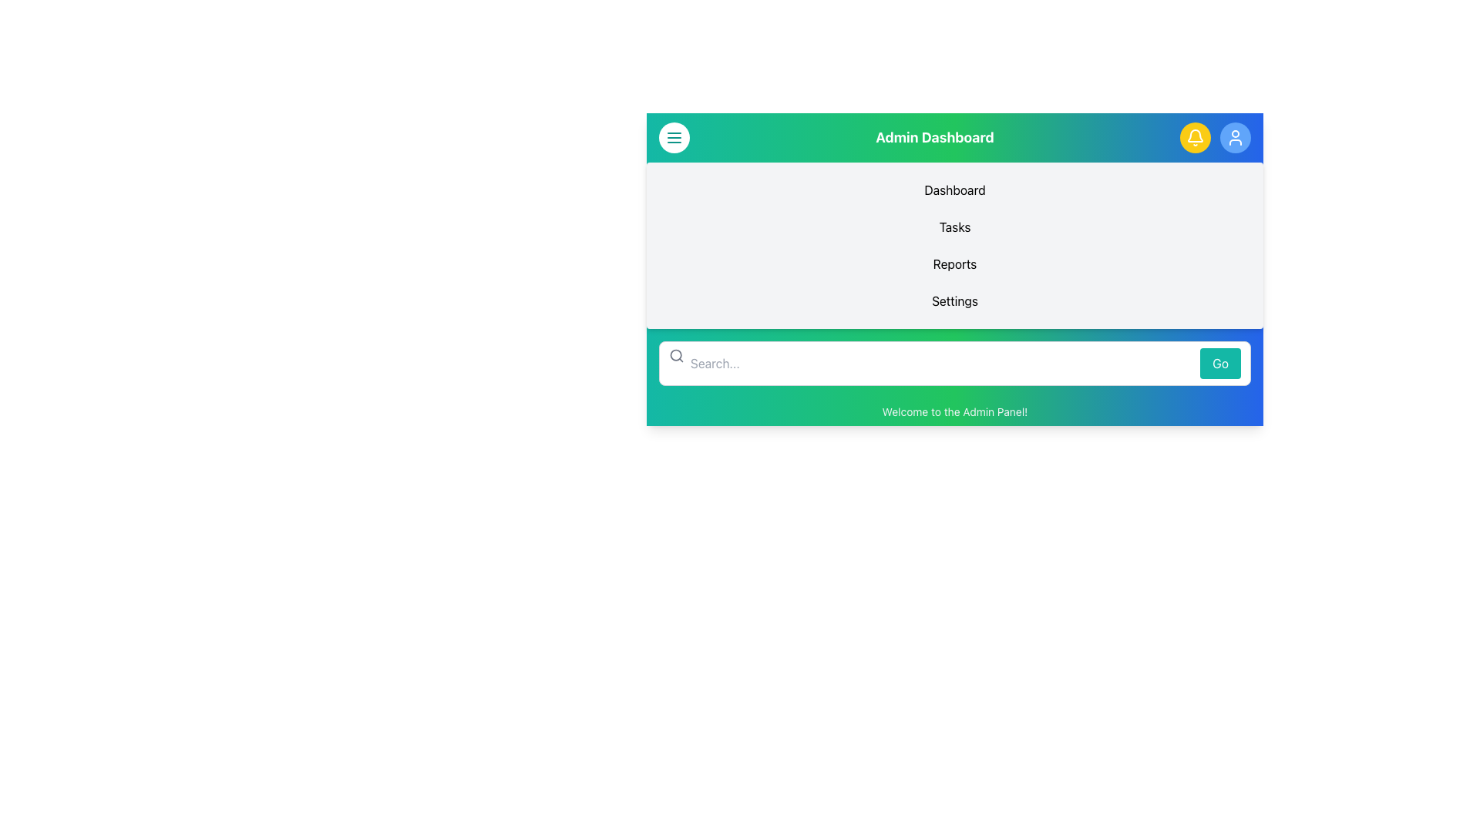 Image resolution: width=1480 pixels, height=832 pixels. I want to click on the 'Settings' menu option, which is the fourth item in a vertical list located below 'Reports' and above the search bar, so click(954, 300).